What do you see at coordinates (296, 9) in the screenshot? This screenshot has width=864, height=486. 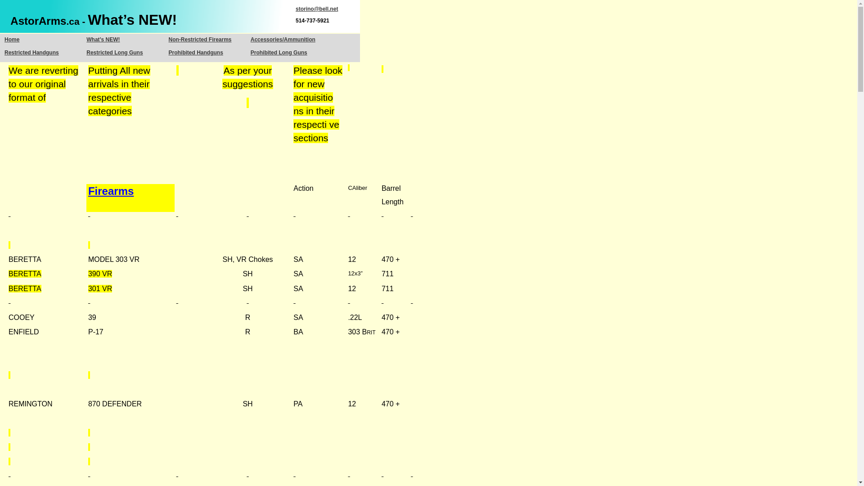 I see `'storino@bell.net'` at bounding box center [296, 9].